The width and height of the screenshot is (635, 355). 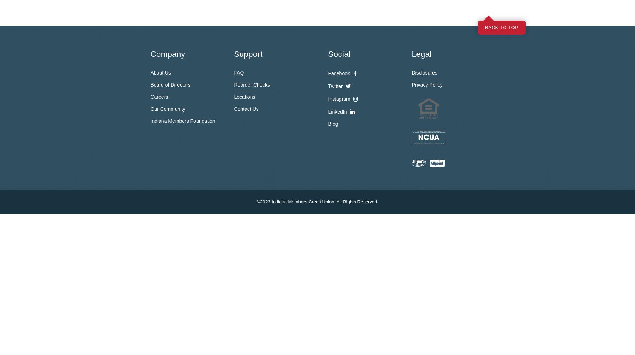 What do you see at coordinates (339, 99) in the screenshot?
I see `'Instagram'` at bounding box center [339, 99].